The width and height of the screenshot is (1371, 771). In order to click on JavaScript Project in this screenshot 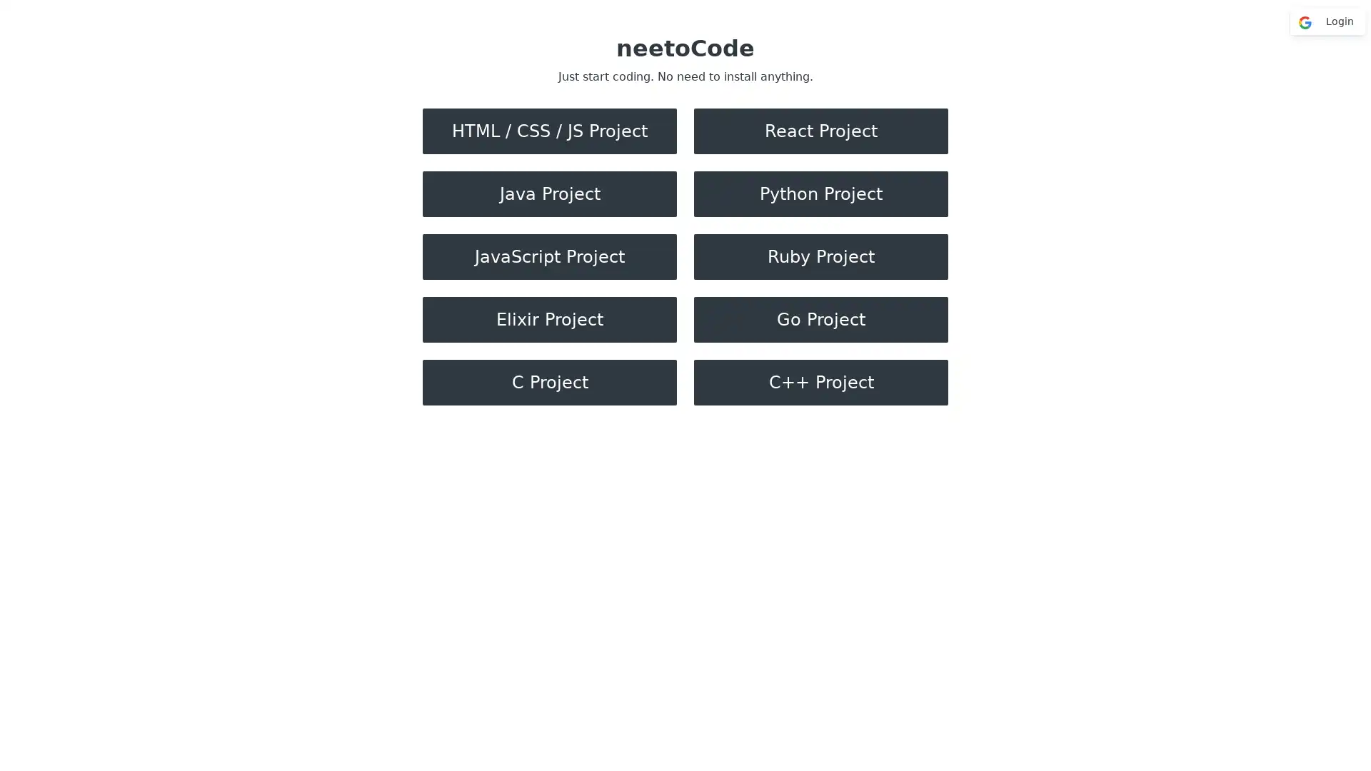, I will do `click(548, 256)`.